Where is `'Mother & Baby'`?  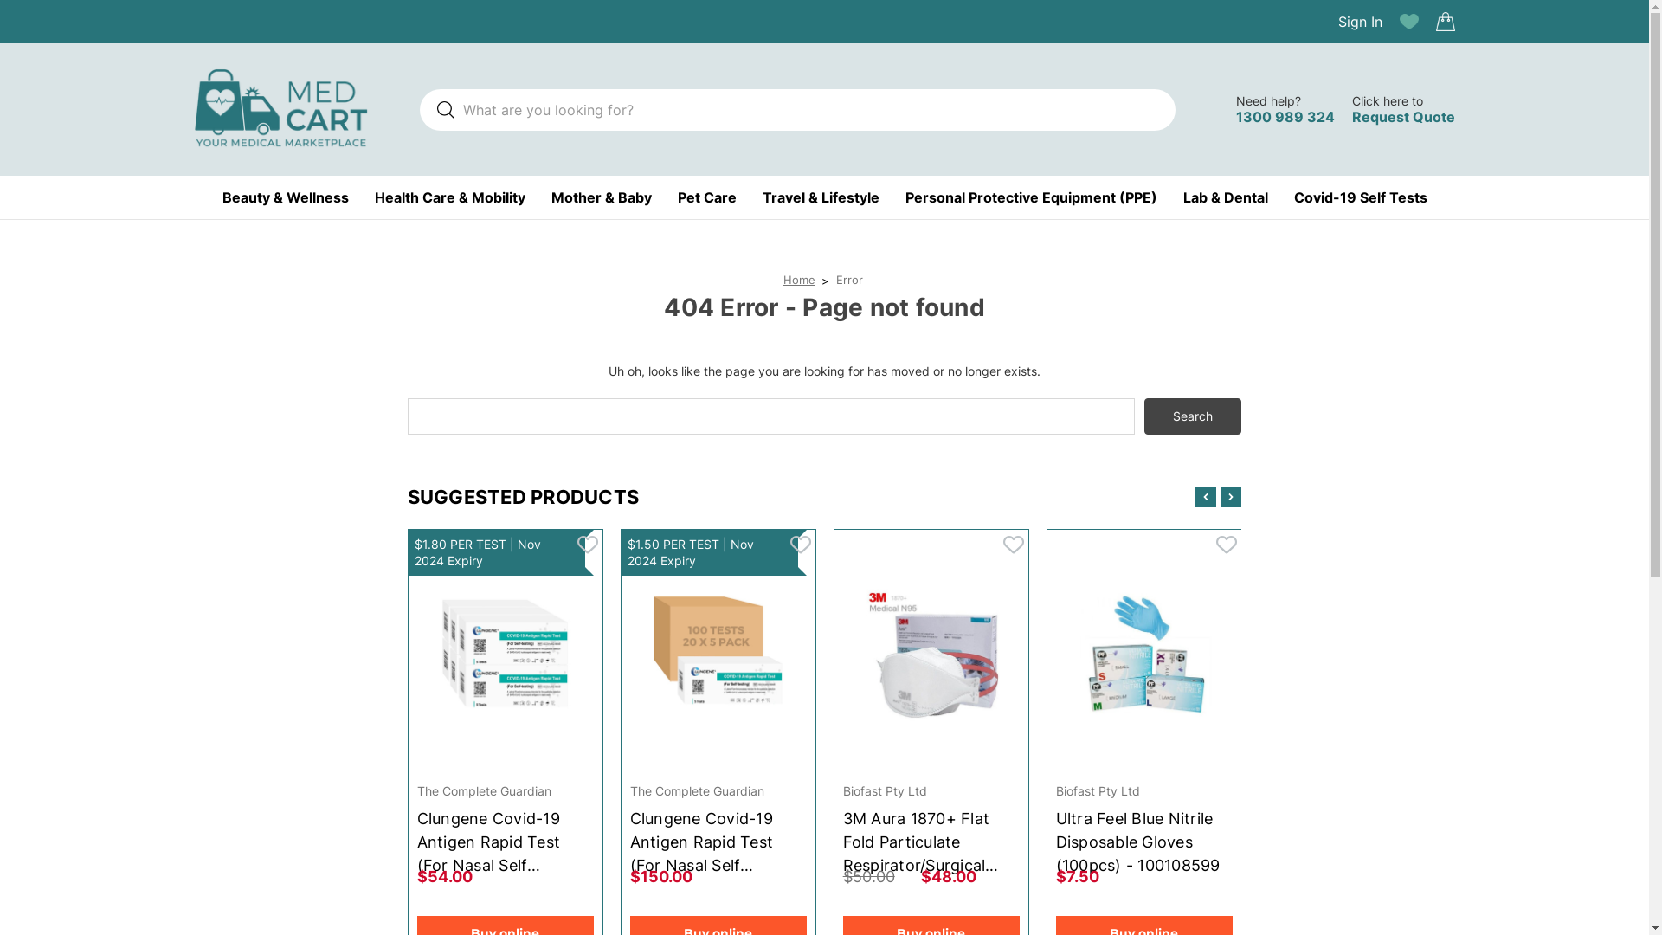 'Mother & Baby' is located at coordinates (601, 196).